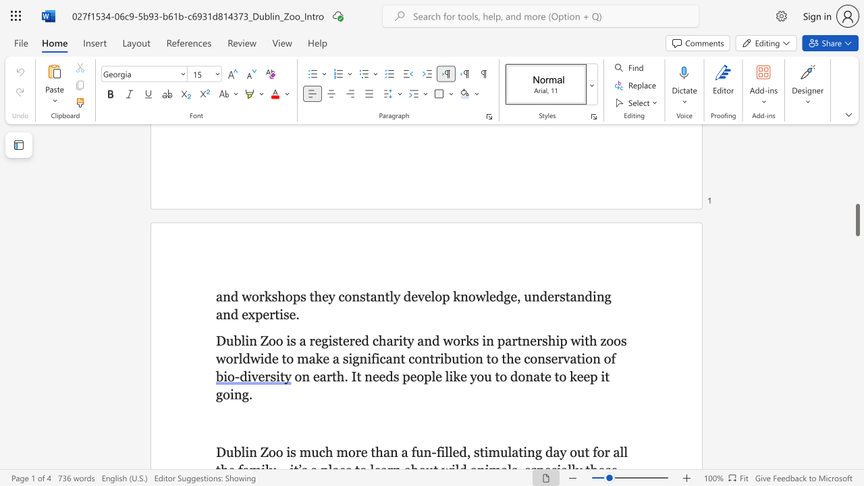 This screenshot has height=486, width=864. Describe the element at coordinates (232, 394) in the screenshot. I see `the 3th character "i" in the text` at that location.